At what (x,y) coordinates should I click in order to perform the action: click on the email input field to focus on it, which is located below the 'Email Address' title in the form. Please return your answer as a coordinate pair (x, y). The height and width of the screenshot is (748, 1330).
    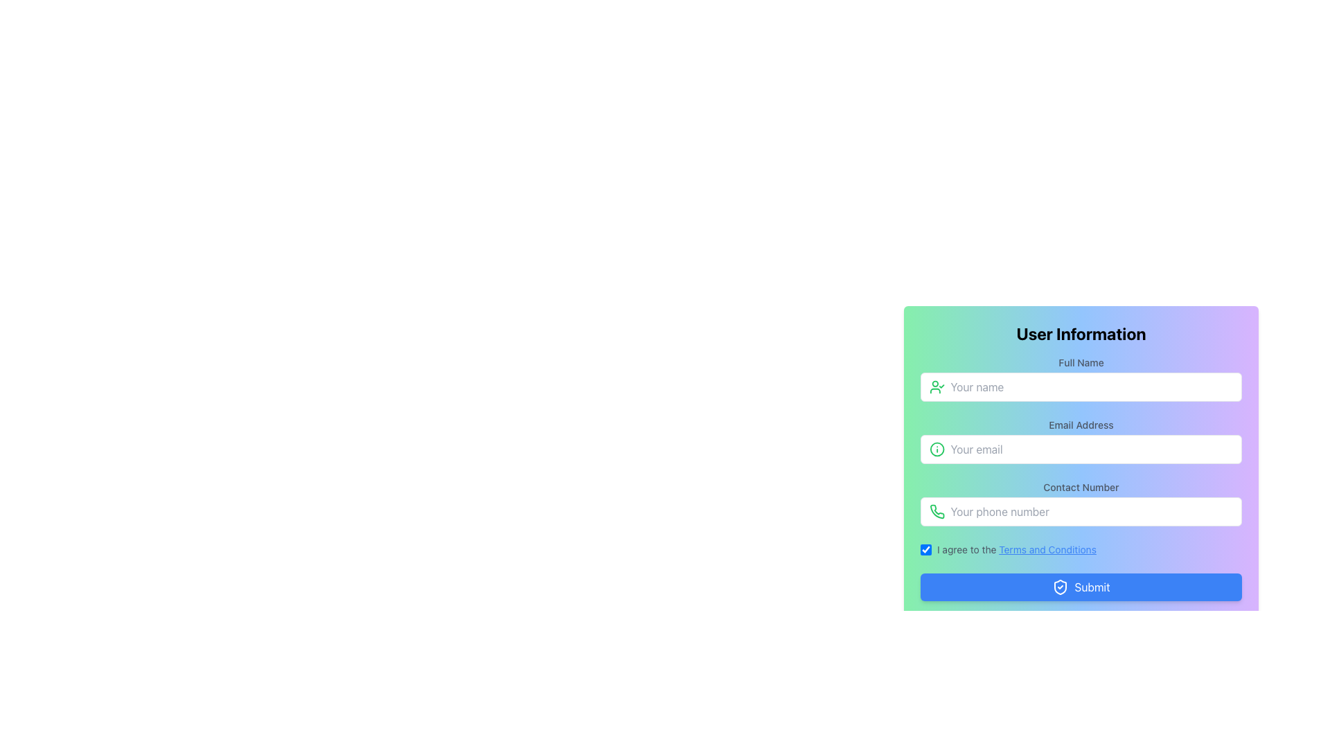
    Looking at the image, I should click on (1091, 449).